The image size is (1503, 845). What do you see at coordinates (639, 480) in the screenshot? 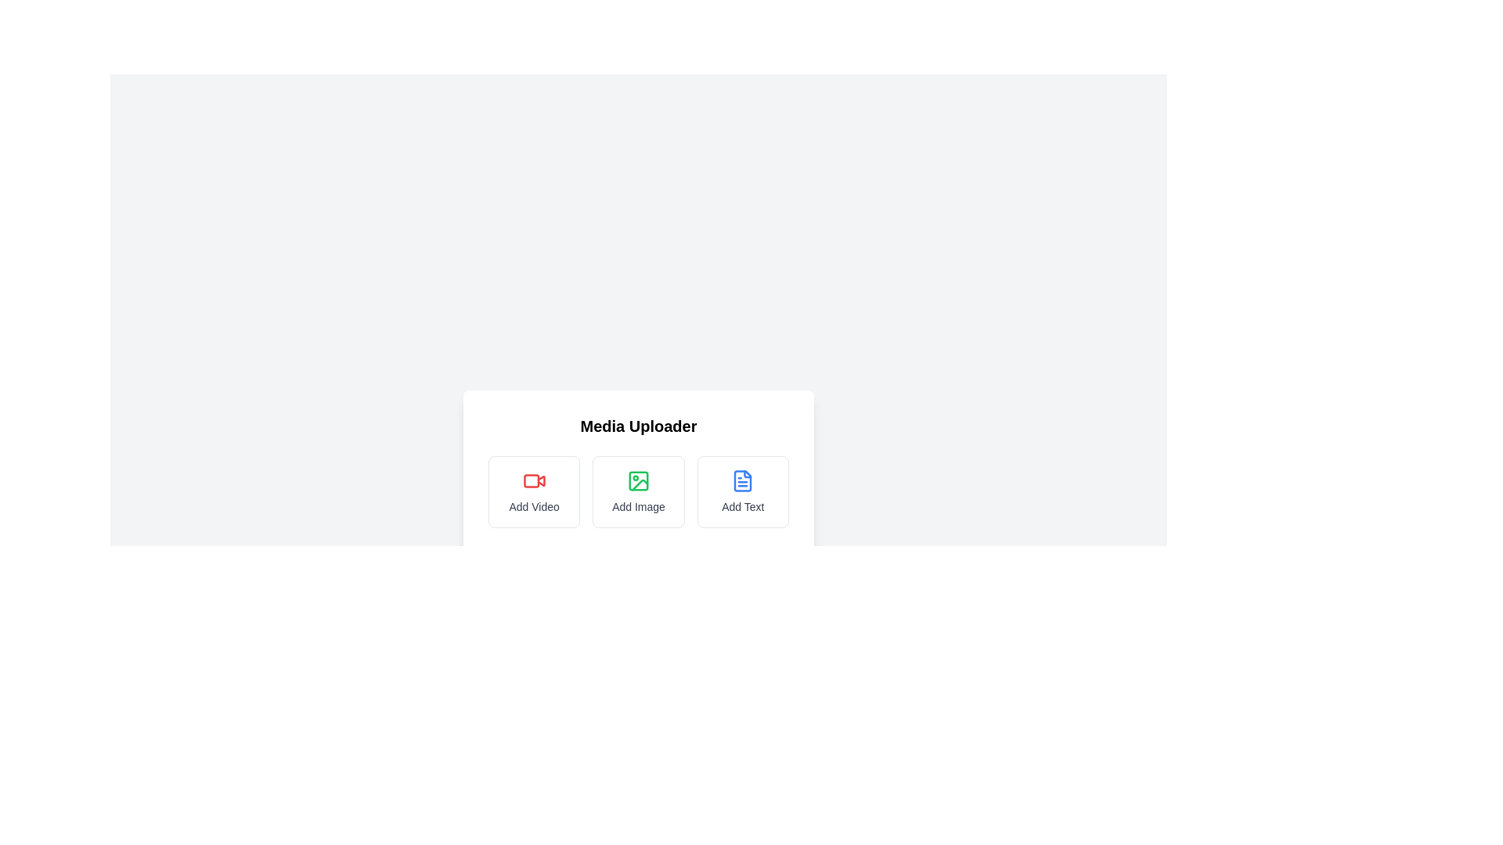
I see `the green outlined image placeholder icon representing the 'Add Image' functionality, located in the middle of the second button group under the 'Media Uploader' heading` at bounding box center [639, 480].